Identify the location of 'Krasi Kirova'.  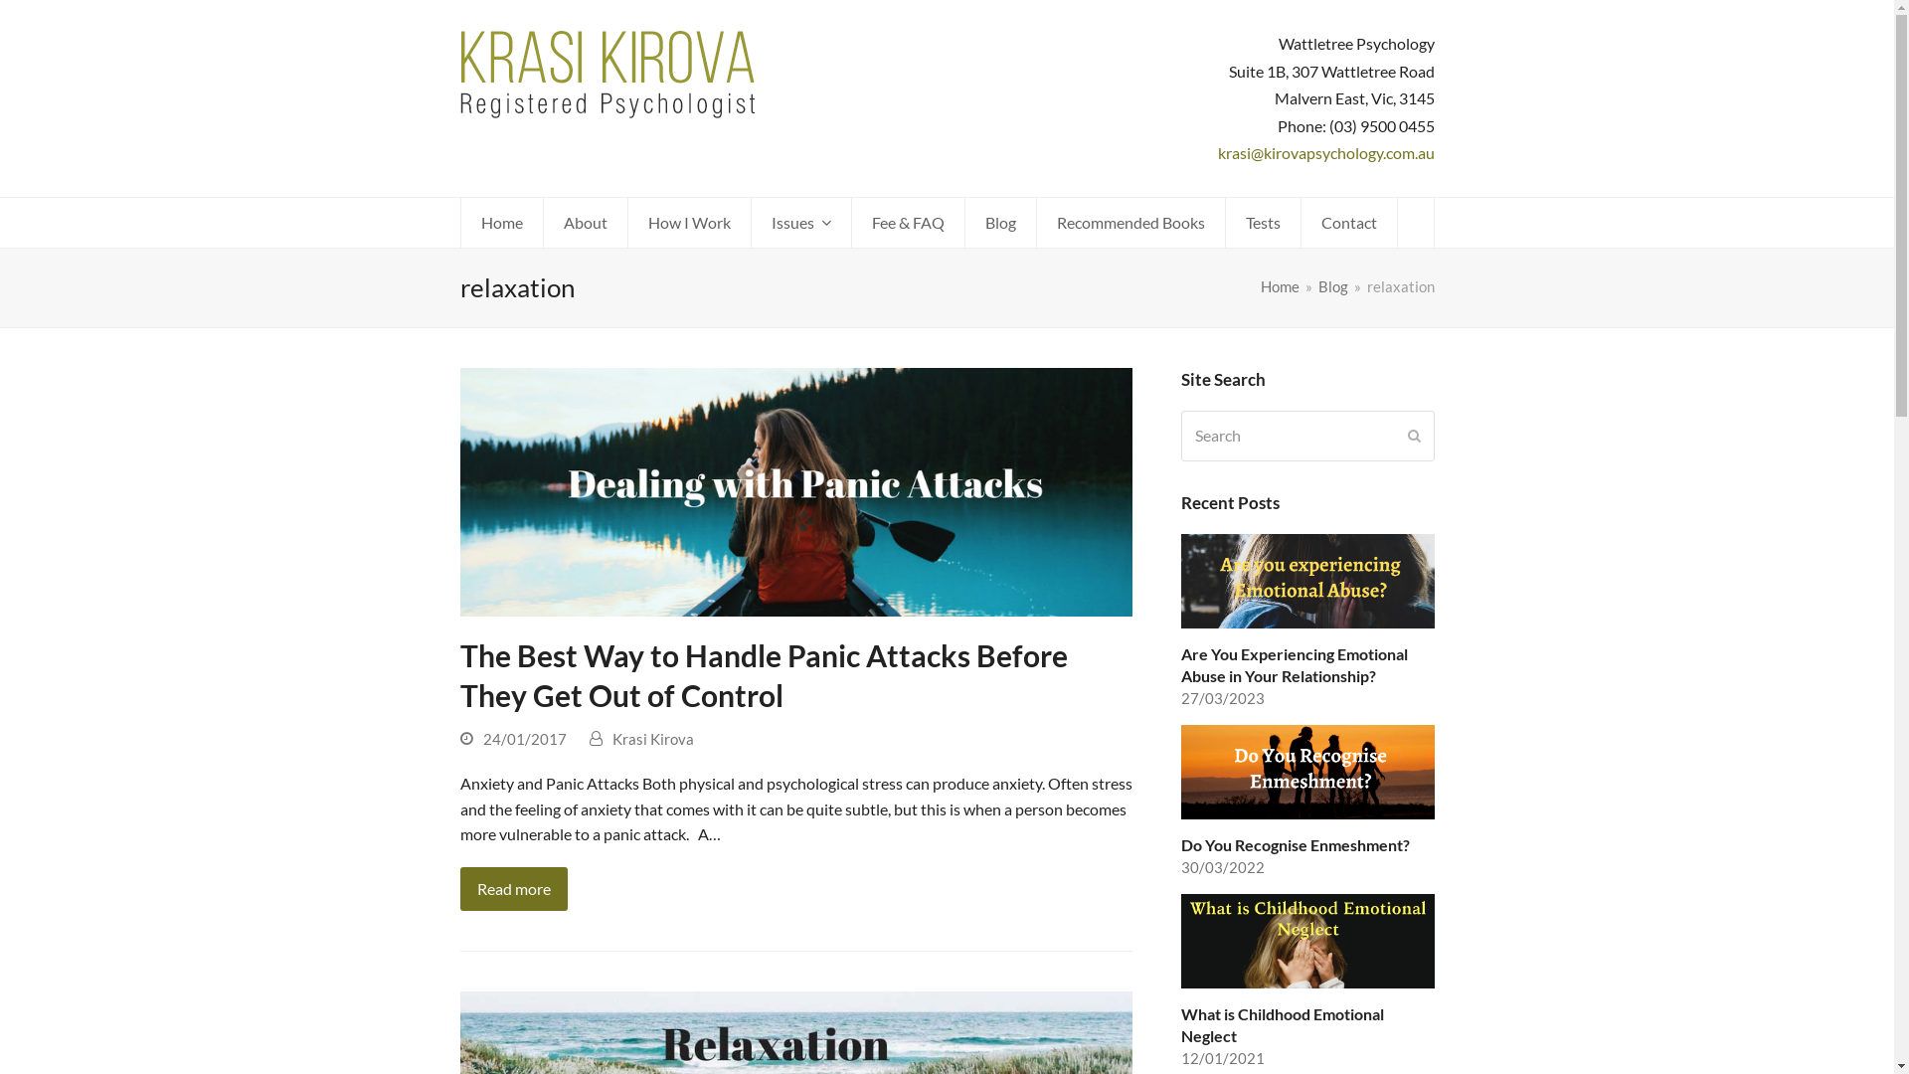
(653, 739).